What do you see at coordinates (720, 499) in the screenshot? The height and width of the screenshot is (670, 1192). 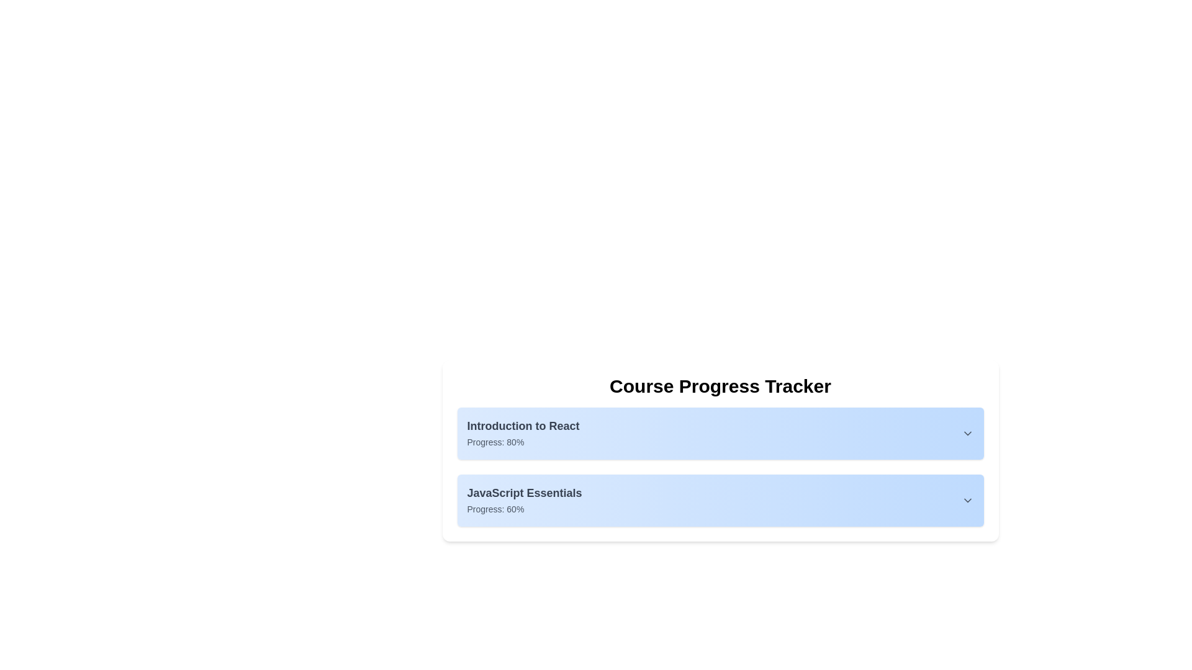 I see `the 'JavaScript Essentials' course item in the Course Progress Tracker` at bounding box center [720, 499].